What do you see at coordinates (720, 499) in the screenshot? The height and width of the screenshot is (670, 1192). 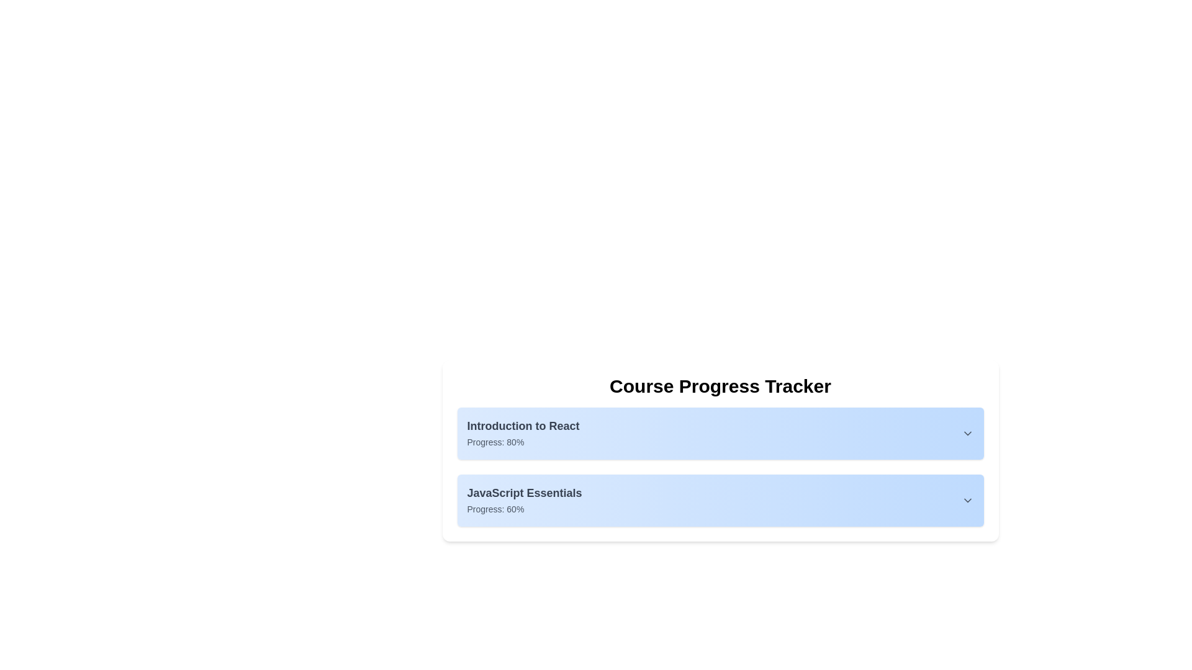 I see `the 'JavaScript Essentials' course item in the Course Progress Tracker` at bounding box center [720, 499].